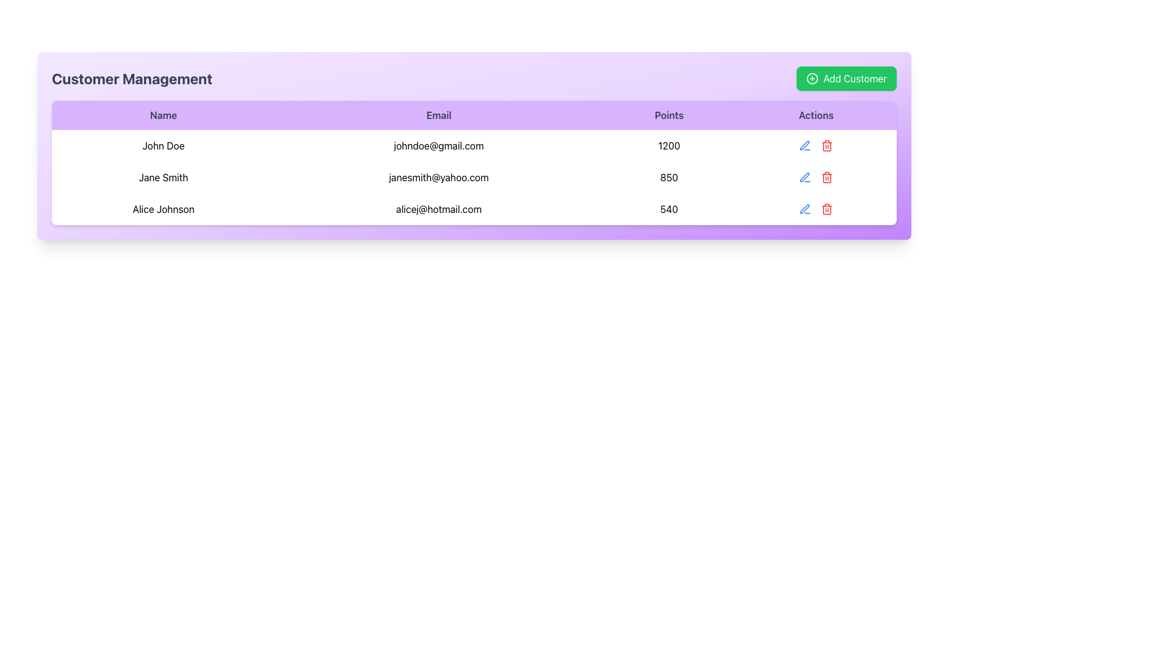 This screenshot has height=659, width=1172. I want to click on the 'Points' column header label in the data table, which is the third column header positioned between 'Email' and 'Actions', so click(668, 115).